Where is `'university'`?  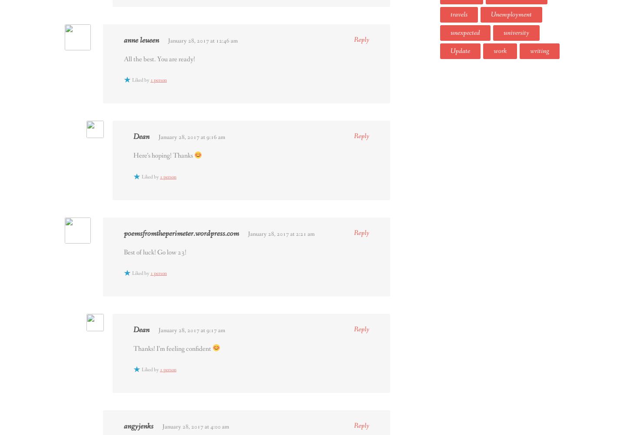 'university' is located at coordinates (516, 32).